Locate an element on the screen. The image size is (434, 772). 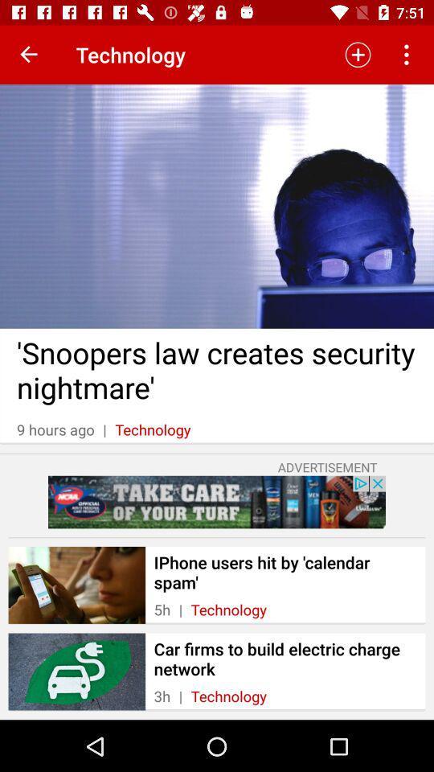
advertisement bar is located at coordinates (217, 501).